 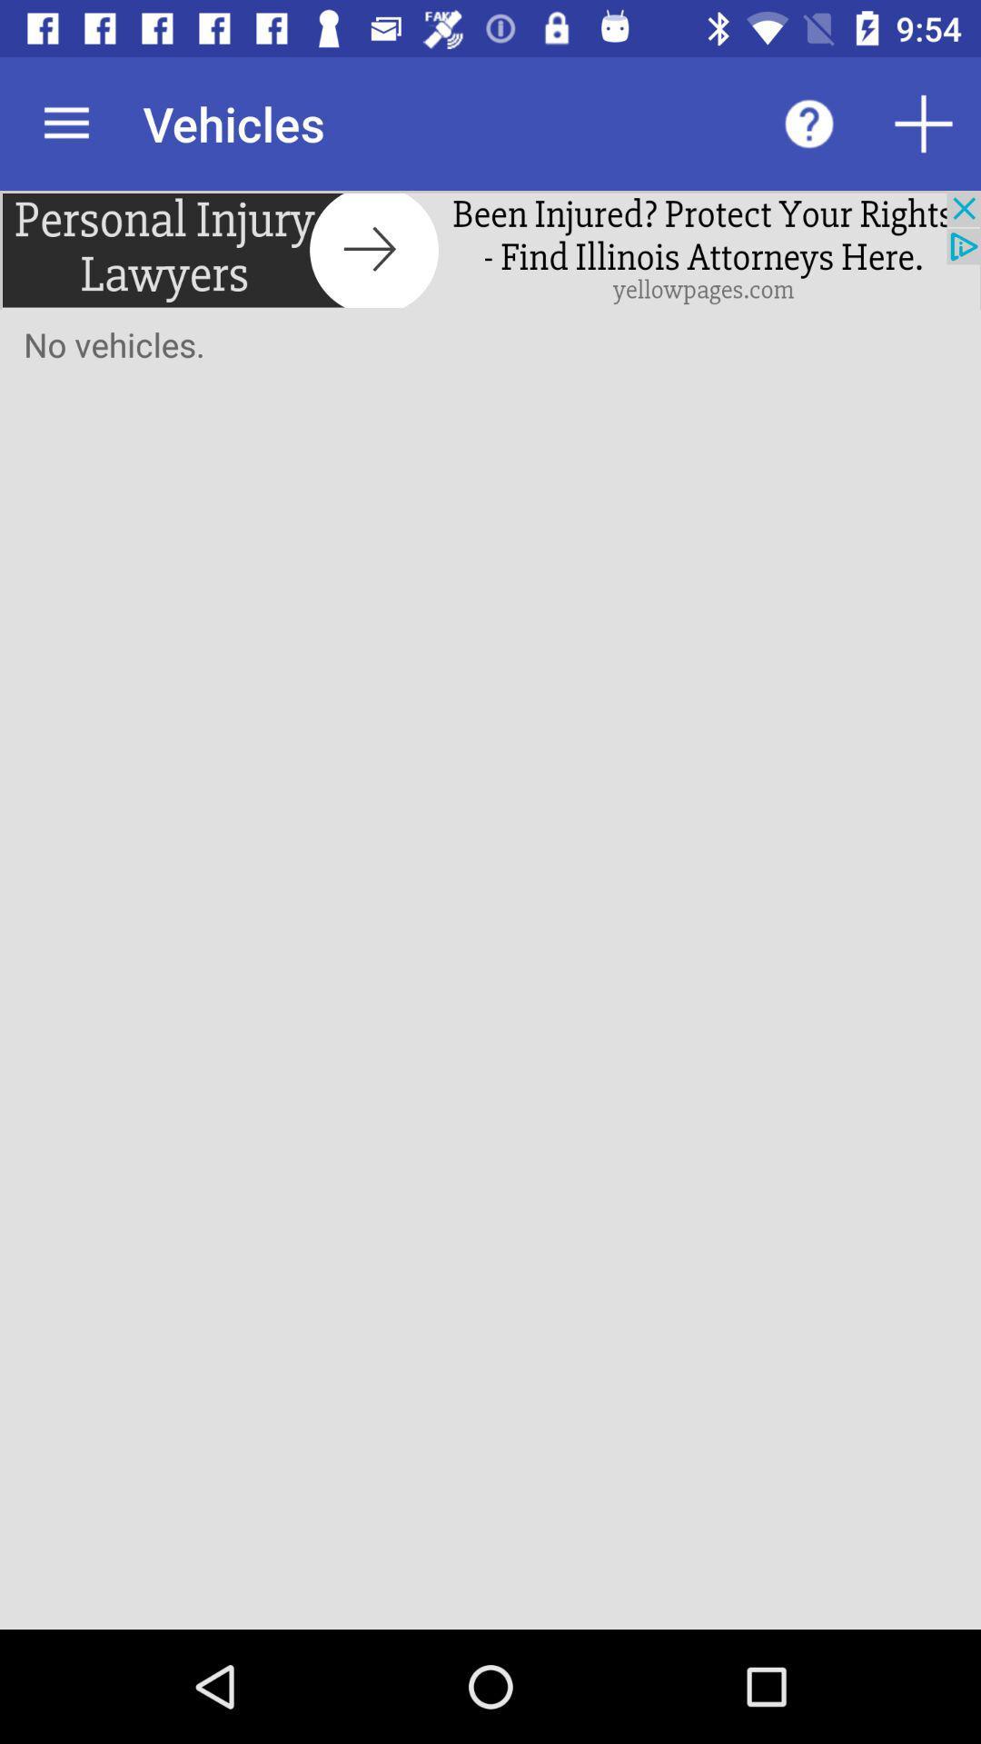 I want to click on fuel consumption, so click(x=924, y=123).